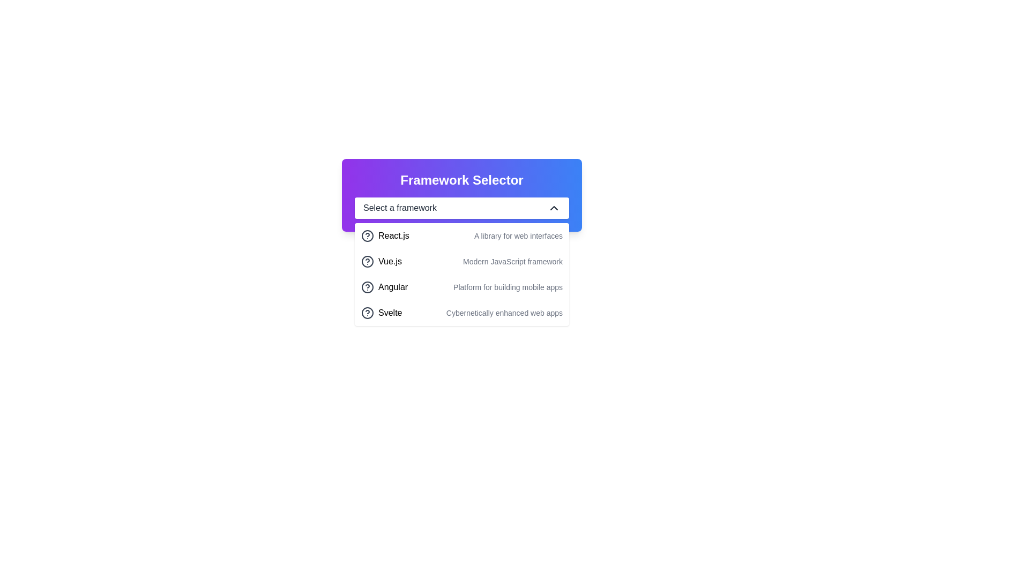 The image size is (1029, 578). What do you see at coordinates (508, 286) in the screenshot?
I see `descriptive text label below the 'Angular' option in the dropdown menu, which provides additional information about it` at bounding box center [508, 286].